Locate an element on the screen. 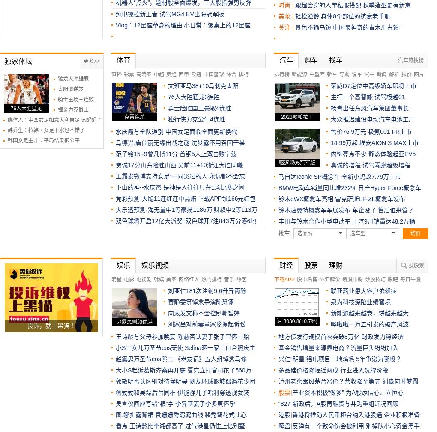 The width and height of the screenshot is (437, 432). '产业资本积极“做多” 为A股添信心、立恒心' is located at coordinates (347, 392).